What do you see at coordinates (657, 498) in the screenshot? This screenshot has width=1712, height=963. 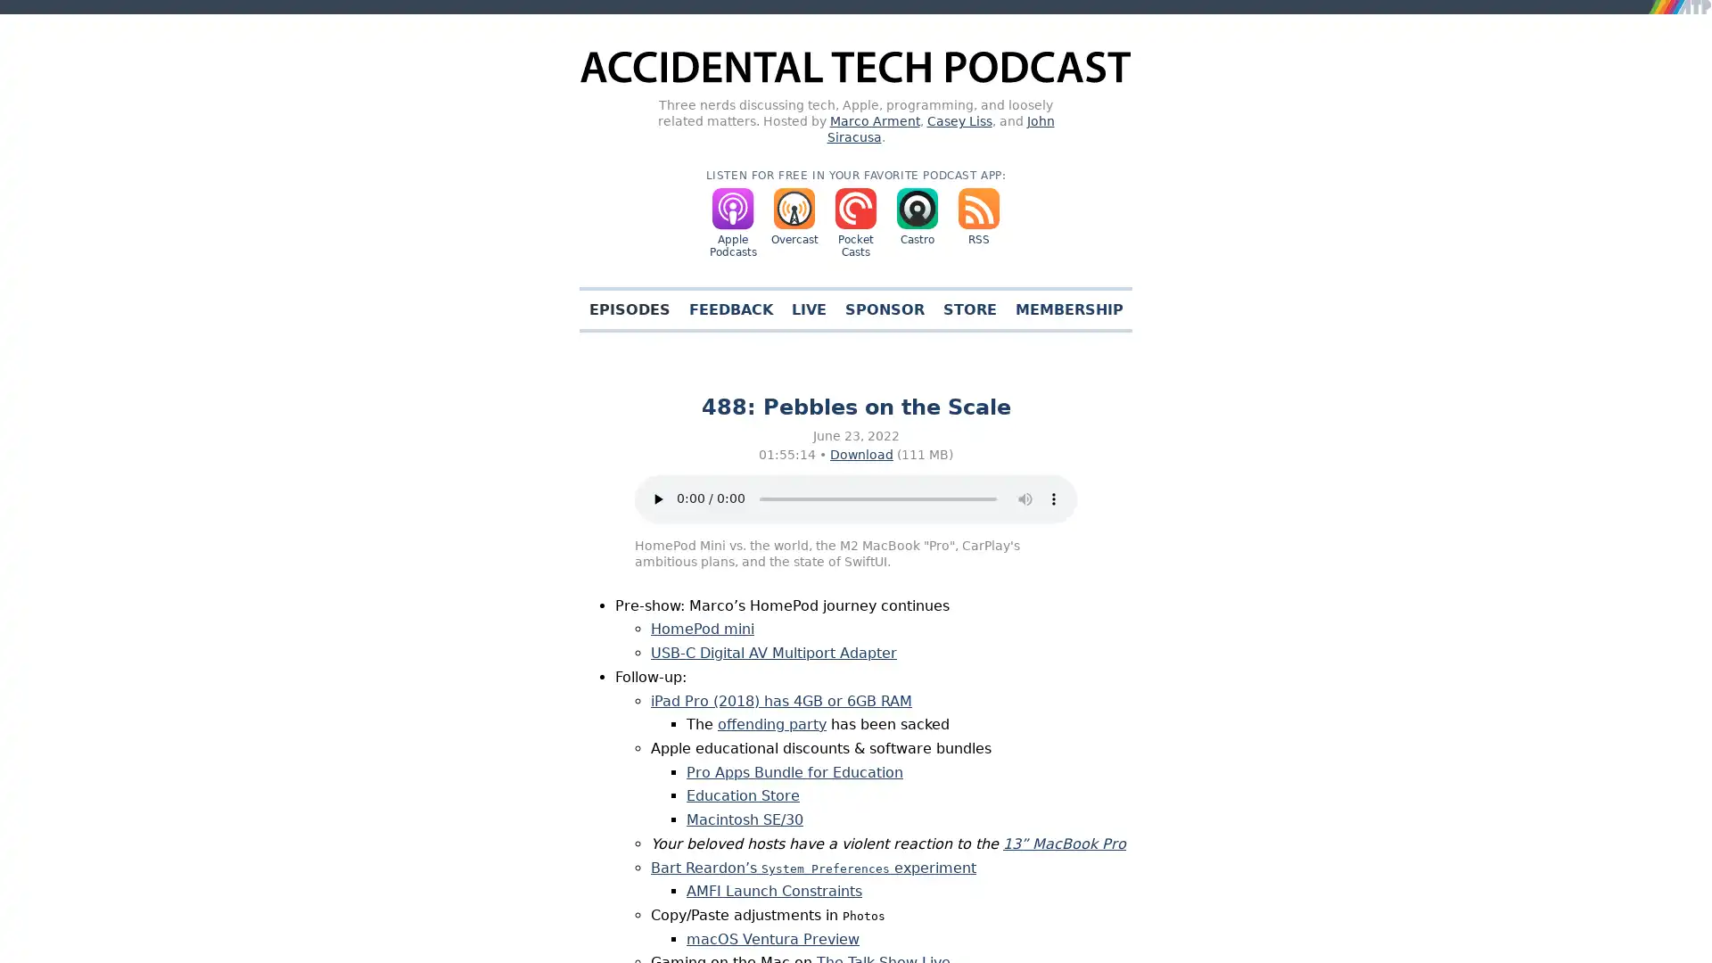 I see `play` at bounding box center [657, 498].